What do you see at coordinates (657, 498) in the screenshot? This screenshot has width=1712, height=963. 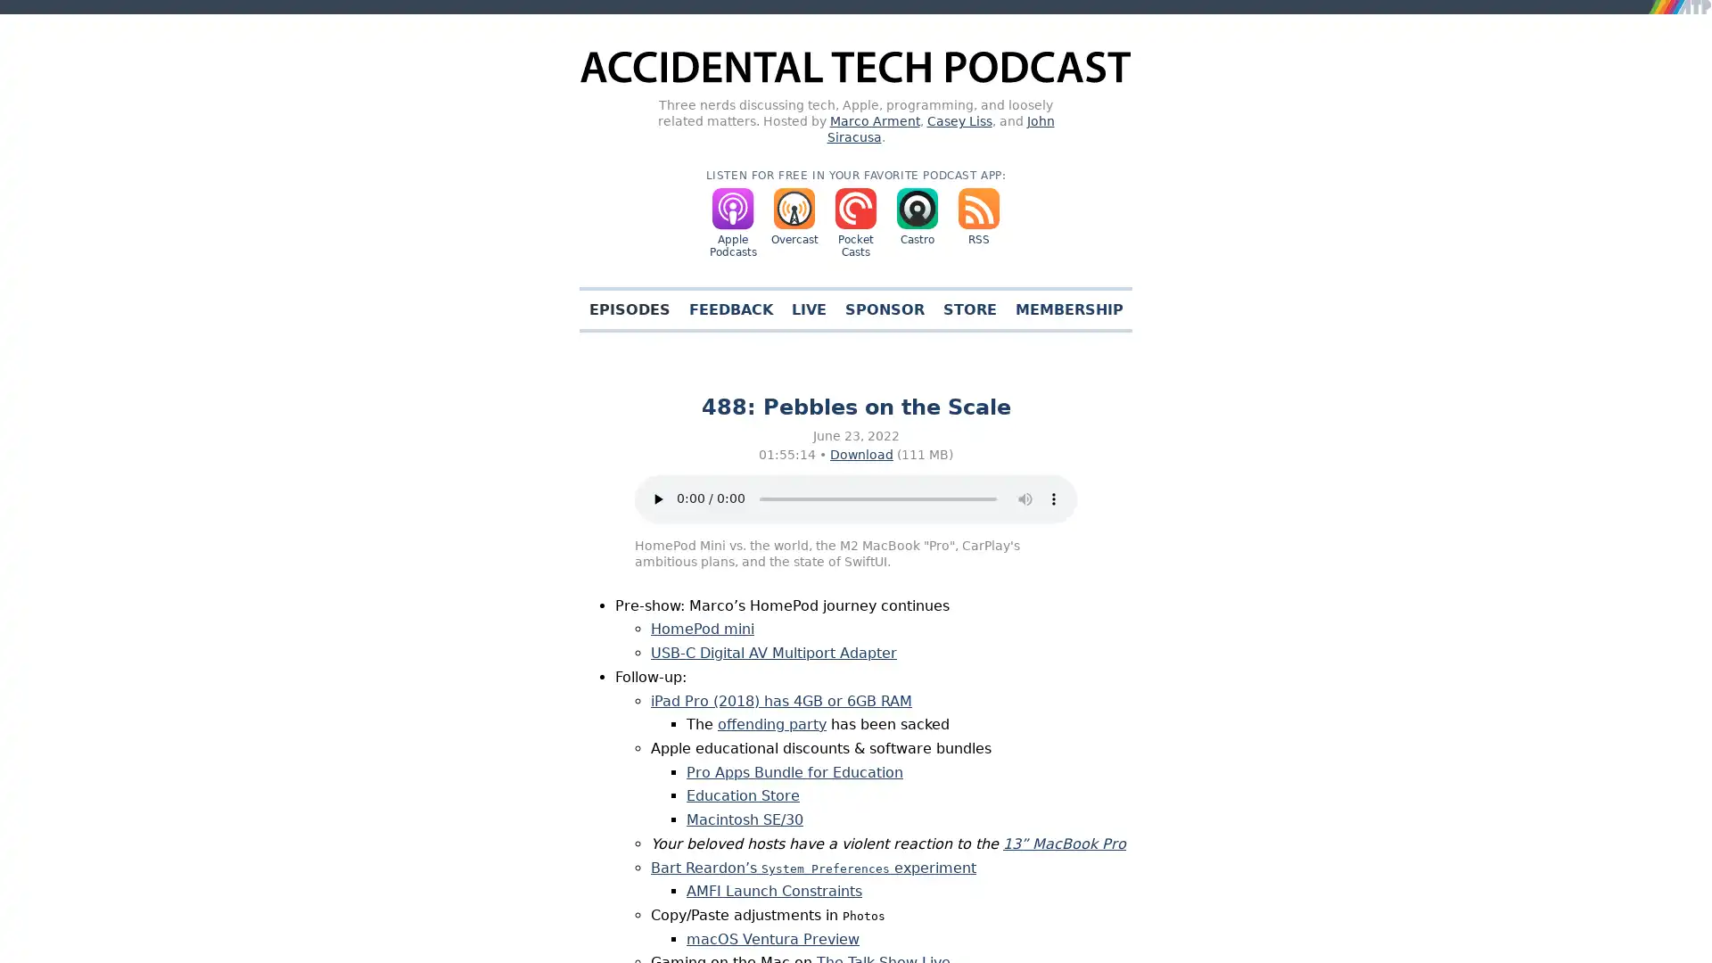 I see `play` at bounding box center [657, 498].